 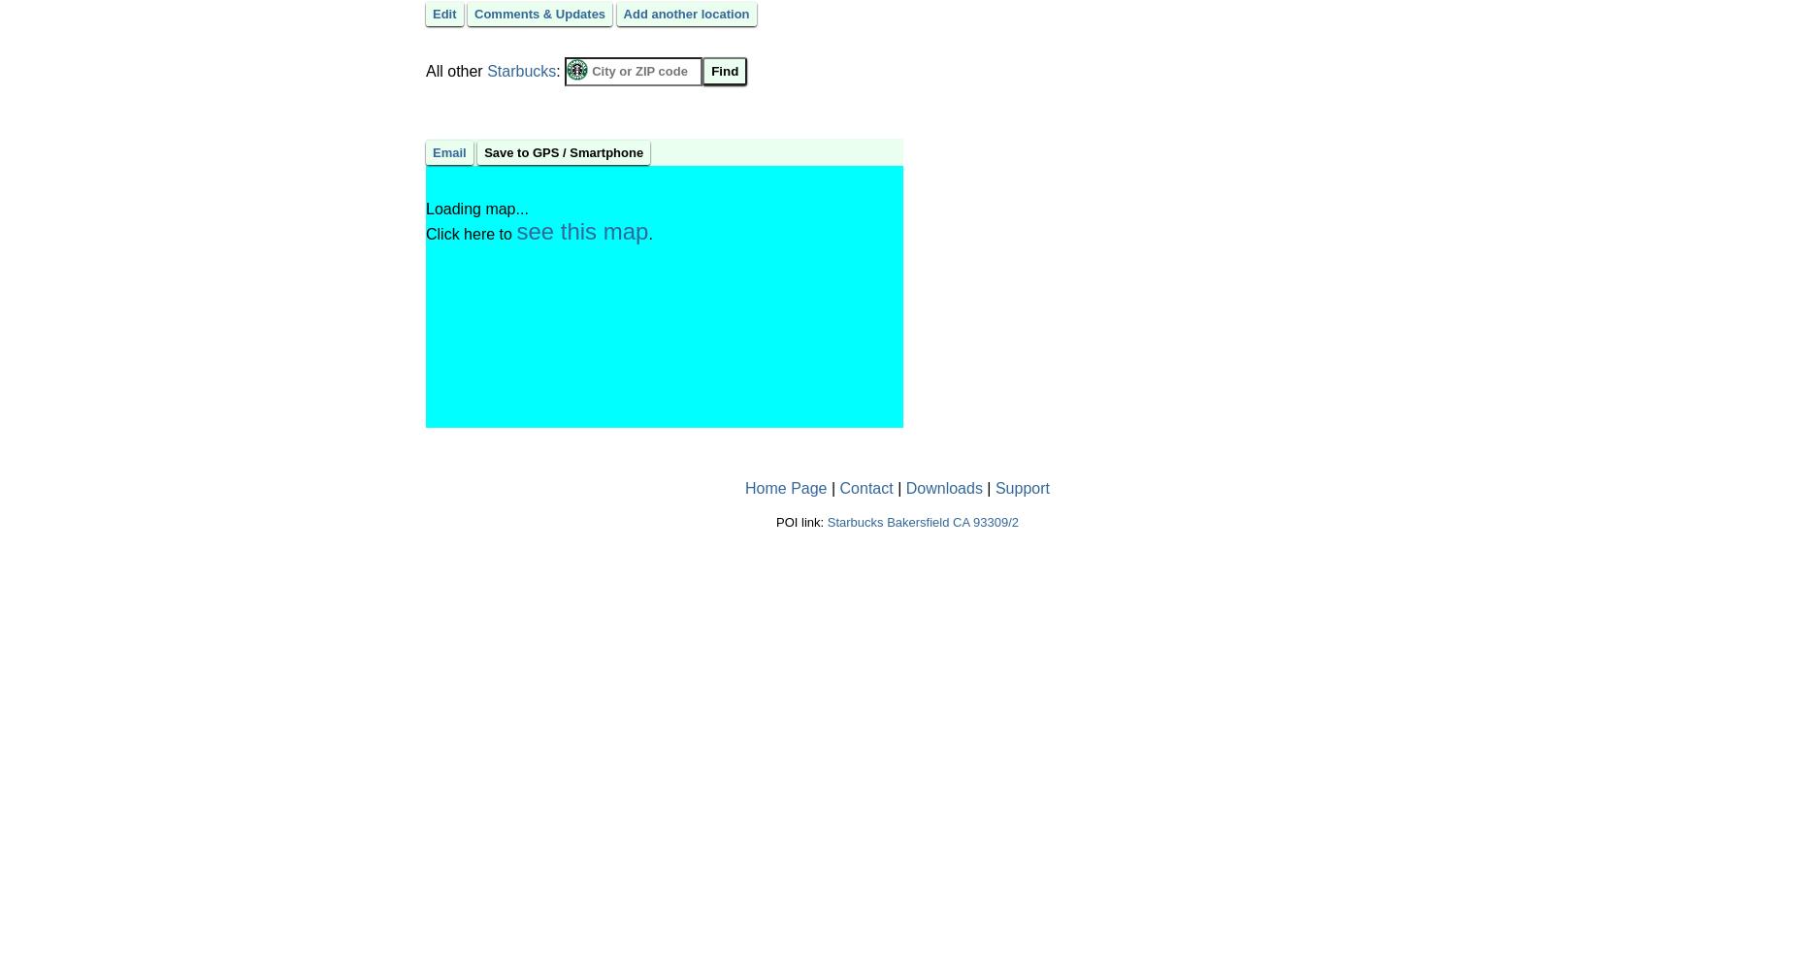 What do you see at coordinates (942, 487) in the screenshot?
I see `'Downloads'` at bounding box center [942, 487].